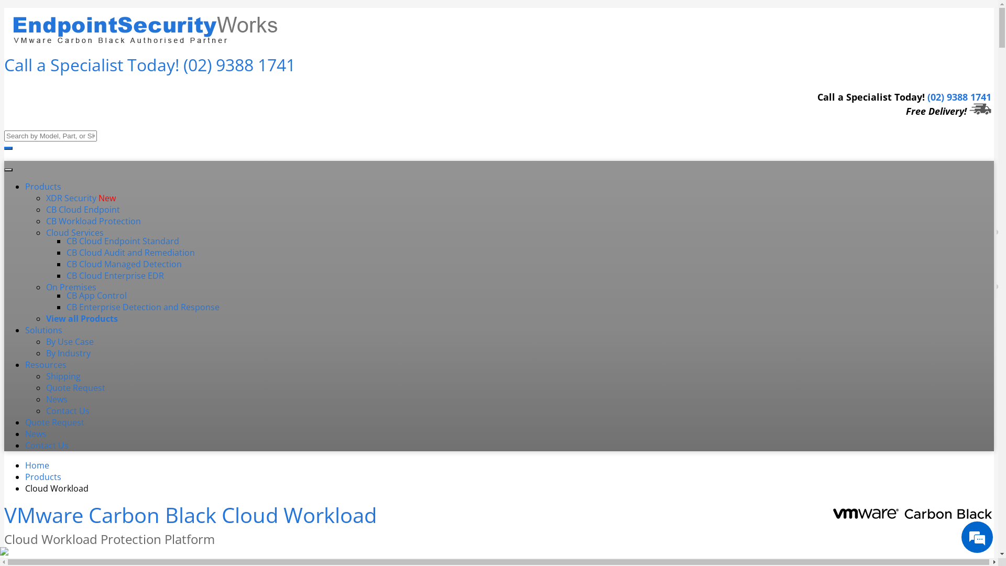 The height and width of the screenshot is (566, 1006). Describe the element at coordinates (45, 232) in the screenshot. I see `'Cloud Services'` at that location.